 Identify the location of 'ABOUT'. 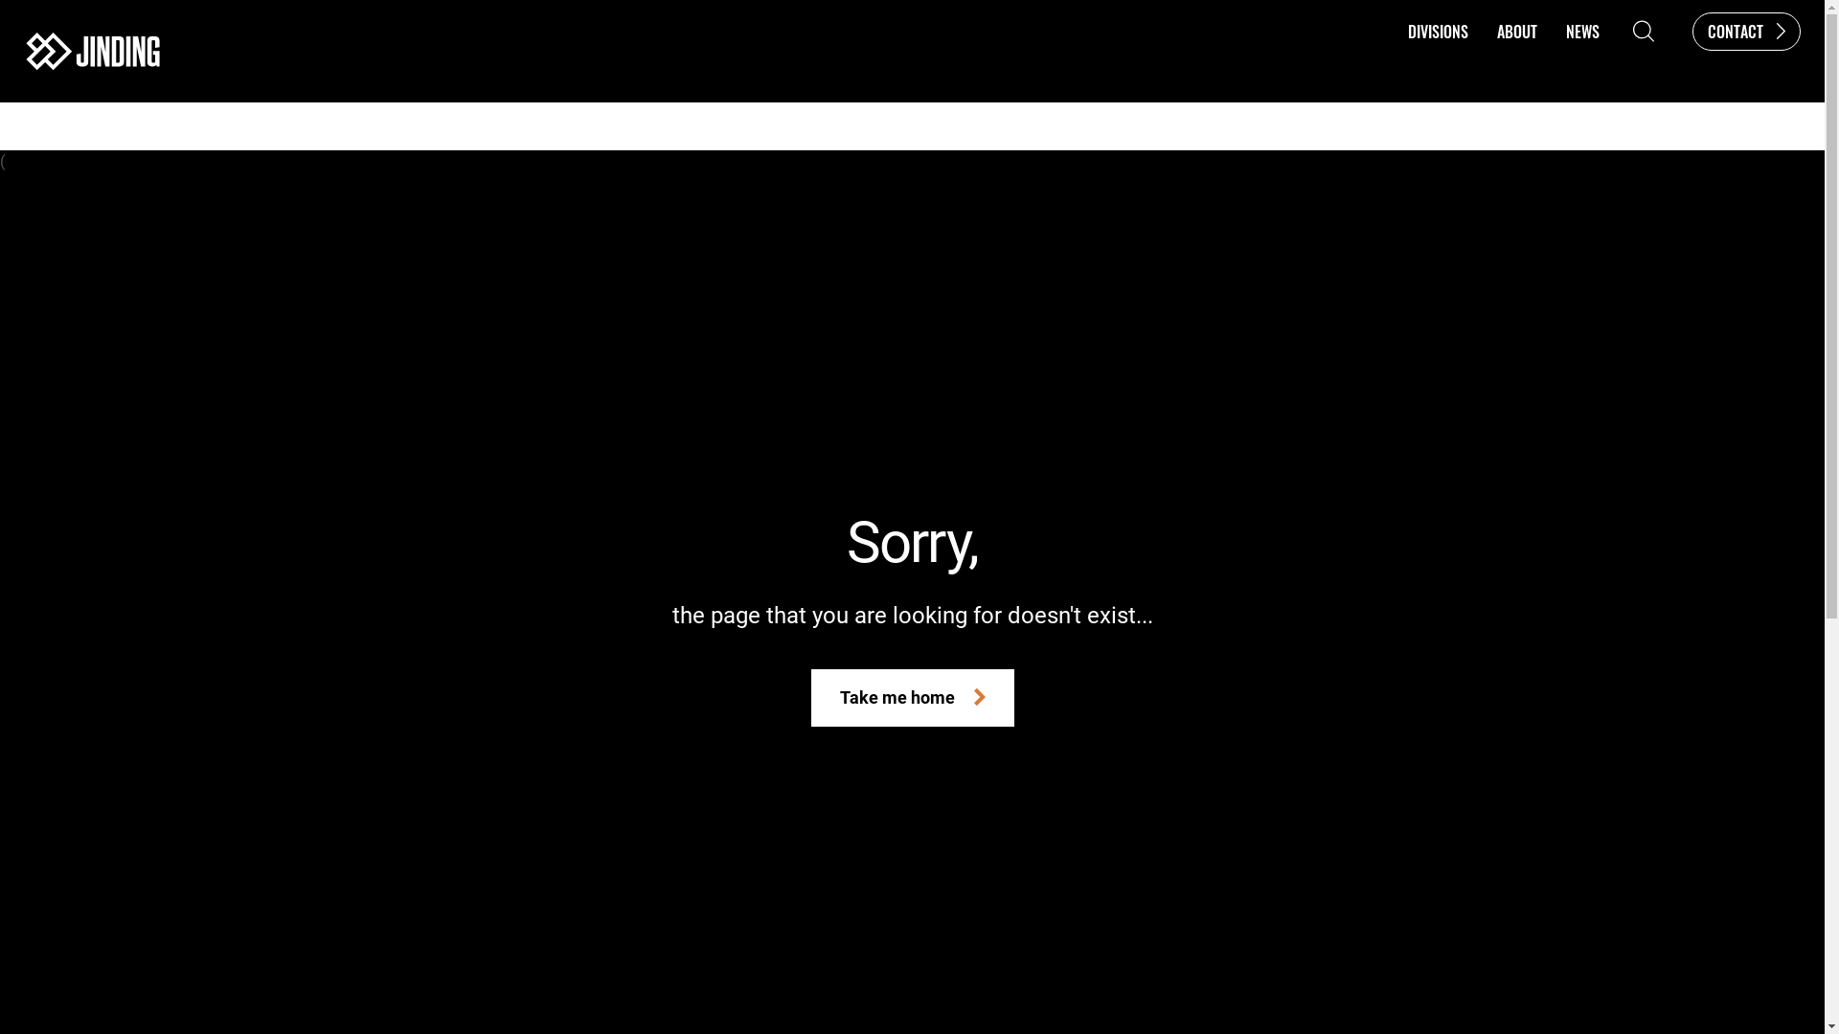
(1482, 30).